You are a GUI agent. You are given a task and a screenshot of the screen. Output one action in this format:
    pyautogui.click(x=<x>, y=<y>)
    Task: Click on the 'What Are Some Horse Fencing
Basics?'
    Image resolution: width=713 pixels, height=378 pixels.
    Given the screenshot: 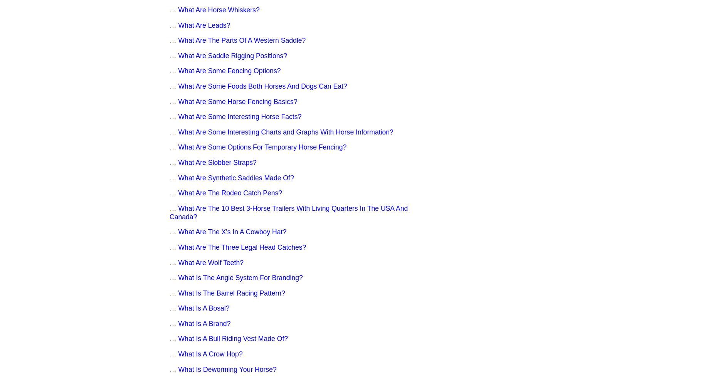 What is the action you would take?
    pyautogui.click(x=237, y=101)
    